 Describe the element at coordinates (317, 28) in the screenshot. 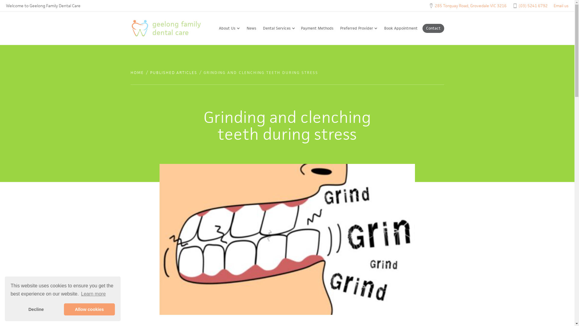

I see `'Payment Methods'` at that location.